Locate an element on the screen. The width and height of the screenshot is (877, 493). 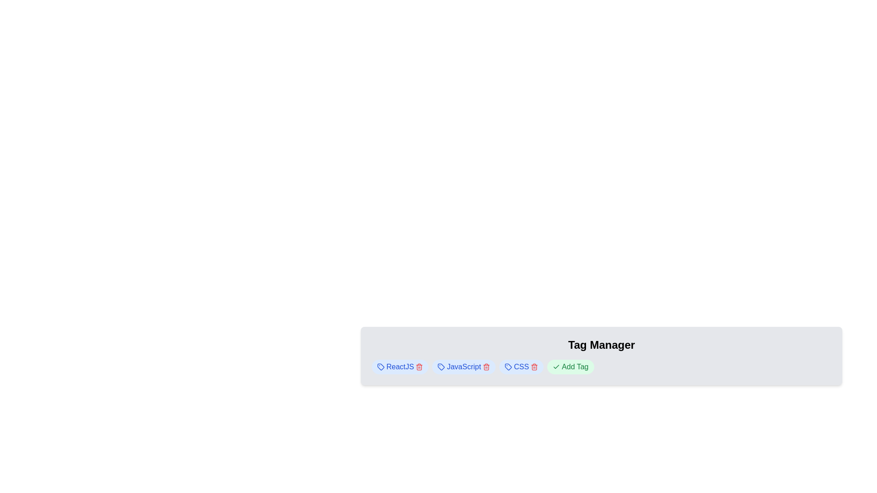
the trash icon button at the end of the 'CSS' tag is located at coordinates (534, 366).